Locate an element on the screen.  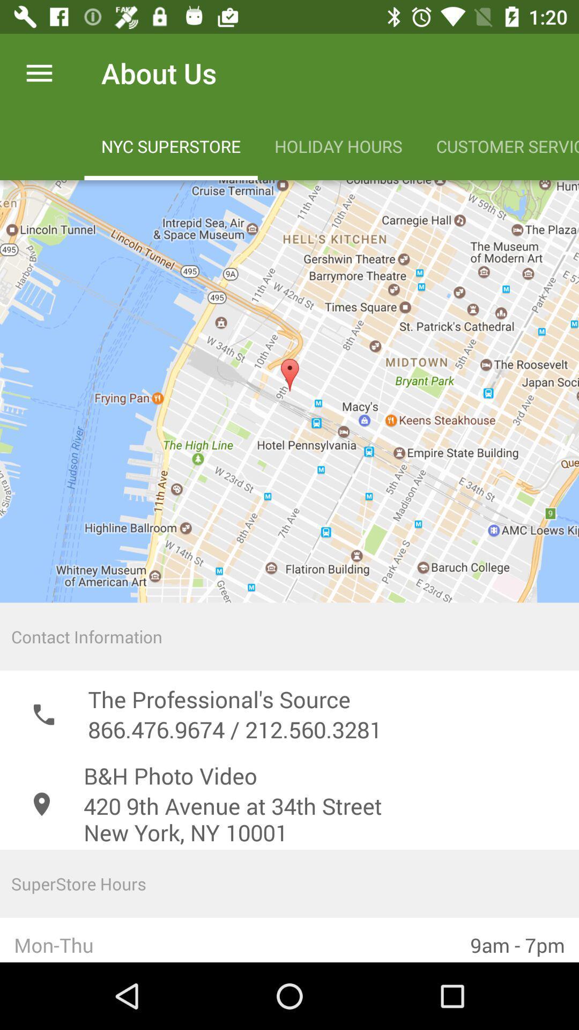
surf the map is located at coordinates (289, 391).